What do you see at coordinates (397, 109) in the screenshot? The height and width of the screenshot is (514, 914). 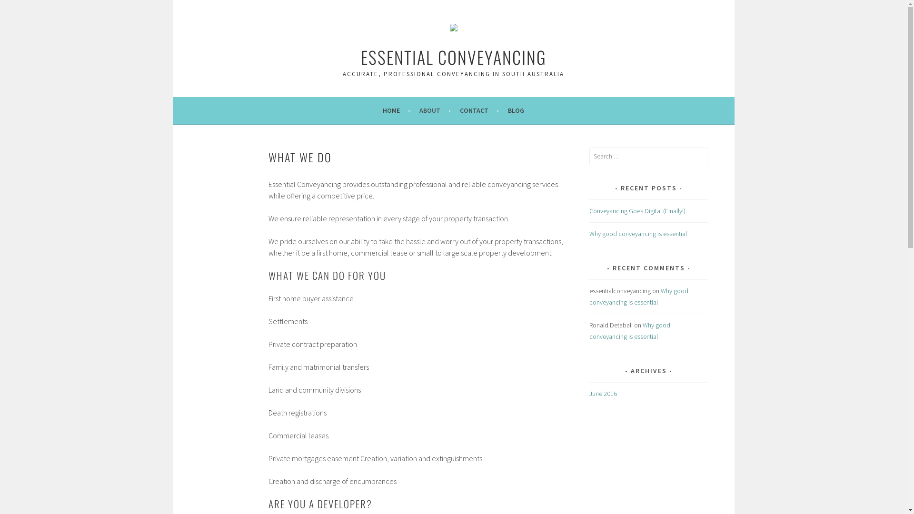 I see `'HOME'` at bounding box center [397, 109].